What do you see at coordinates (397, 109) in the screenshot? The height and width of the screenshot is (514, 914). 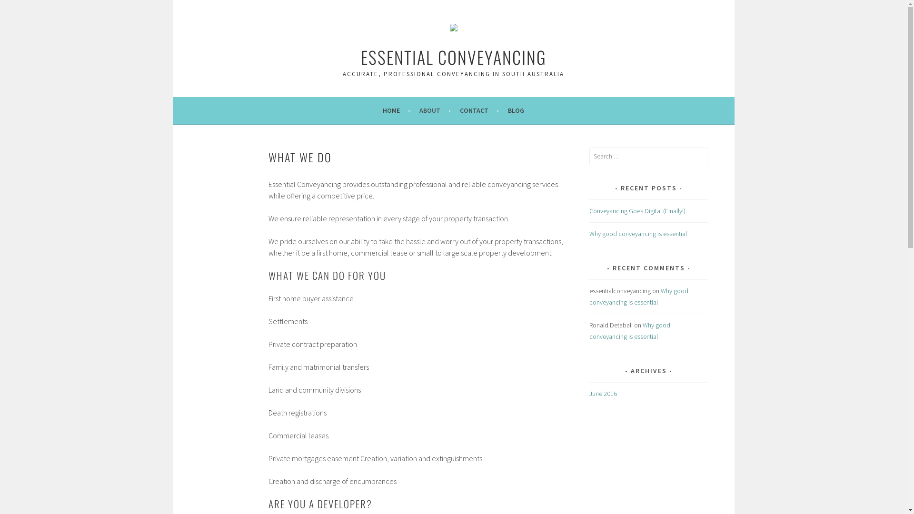 I see `'HOME'` at bounding box center [397, 109].